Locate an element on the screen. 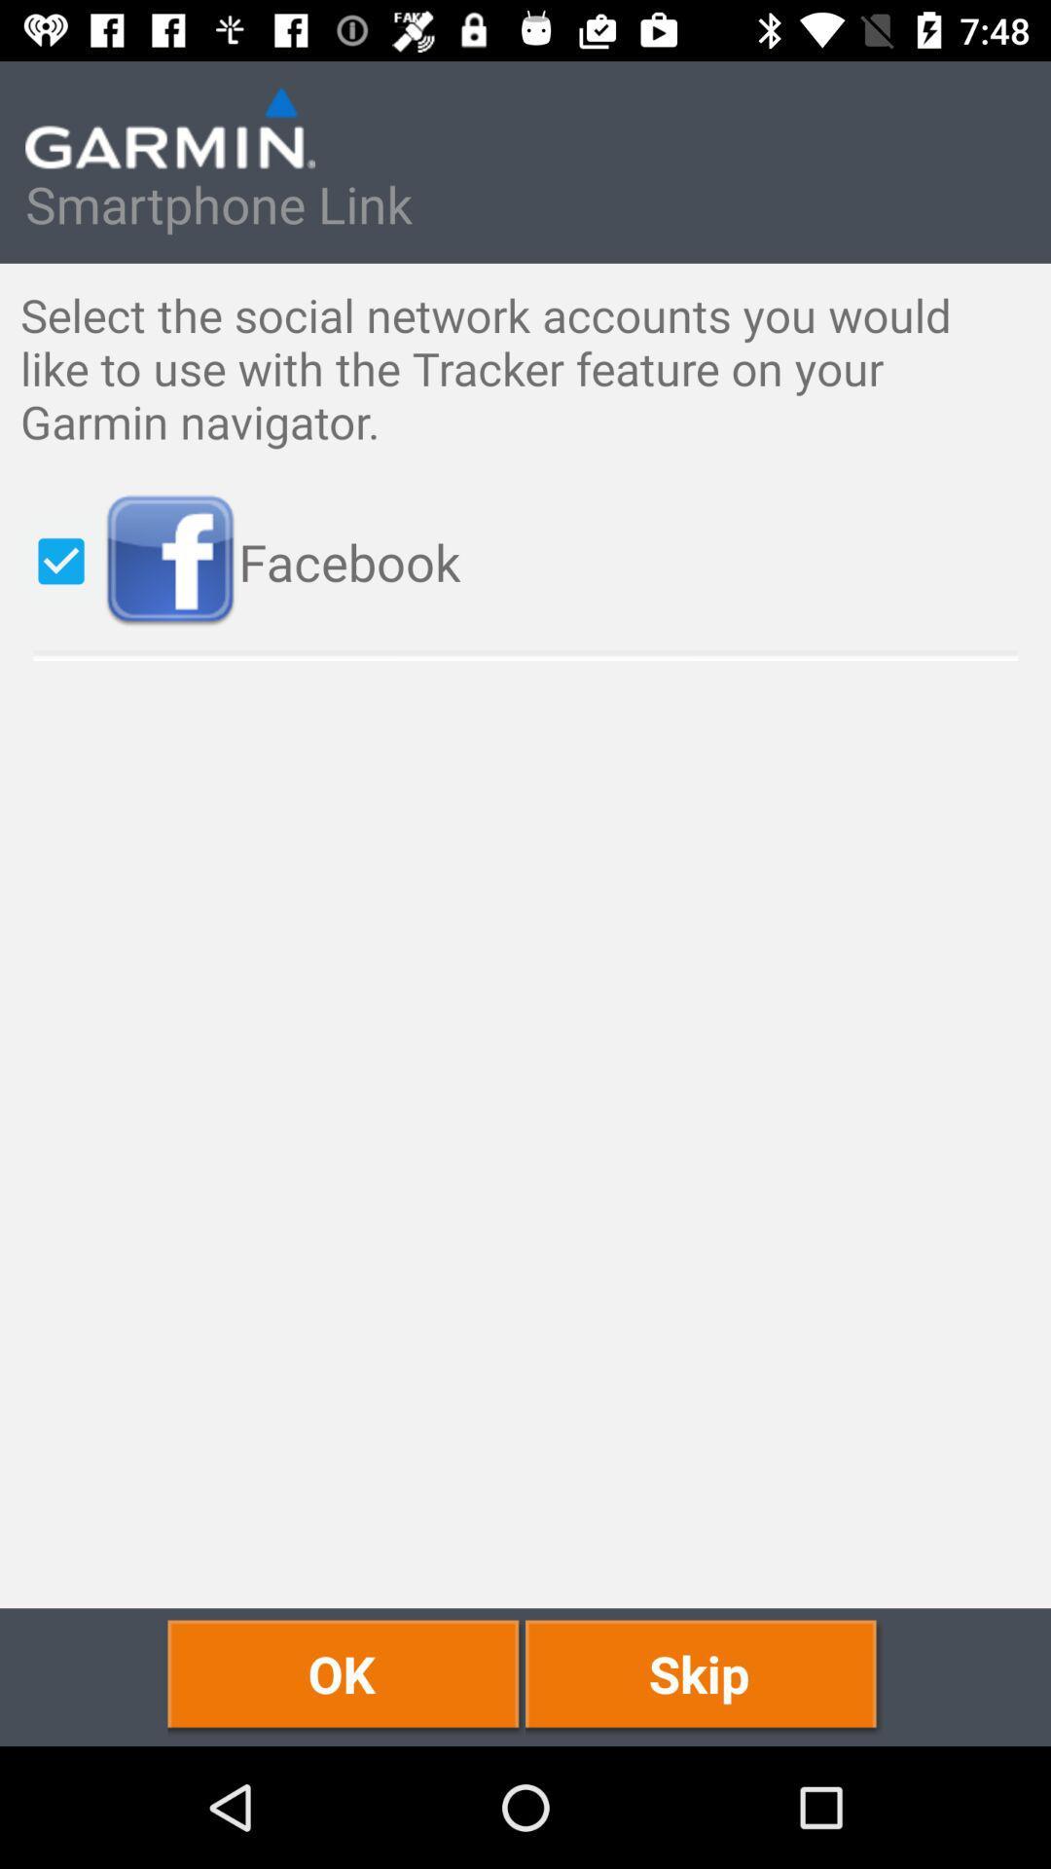 Image resolution: width=1051 pixels, height=1869 pixels. ok item is located at coordinates (345, 1676).